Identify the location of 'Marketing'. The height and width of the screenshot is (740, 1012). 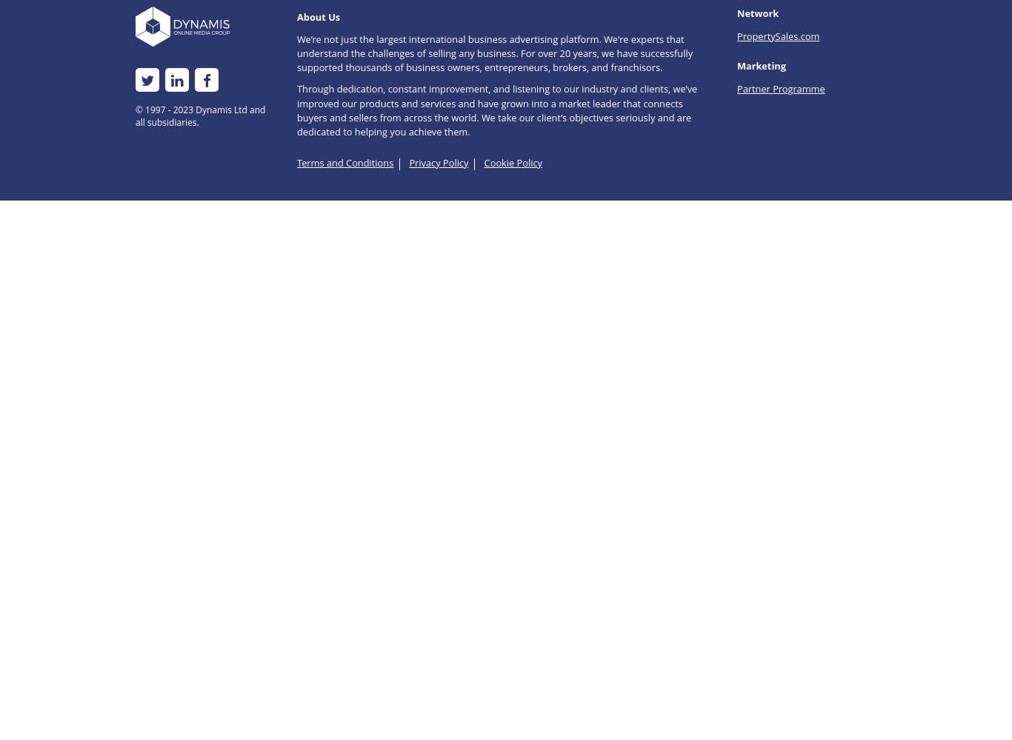
(760, 65).